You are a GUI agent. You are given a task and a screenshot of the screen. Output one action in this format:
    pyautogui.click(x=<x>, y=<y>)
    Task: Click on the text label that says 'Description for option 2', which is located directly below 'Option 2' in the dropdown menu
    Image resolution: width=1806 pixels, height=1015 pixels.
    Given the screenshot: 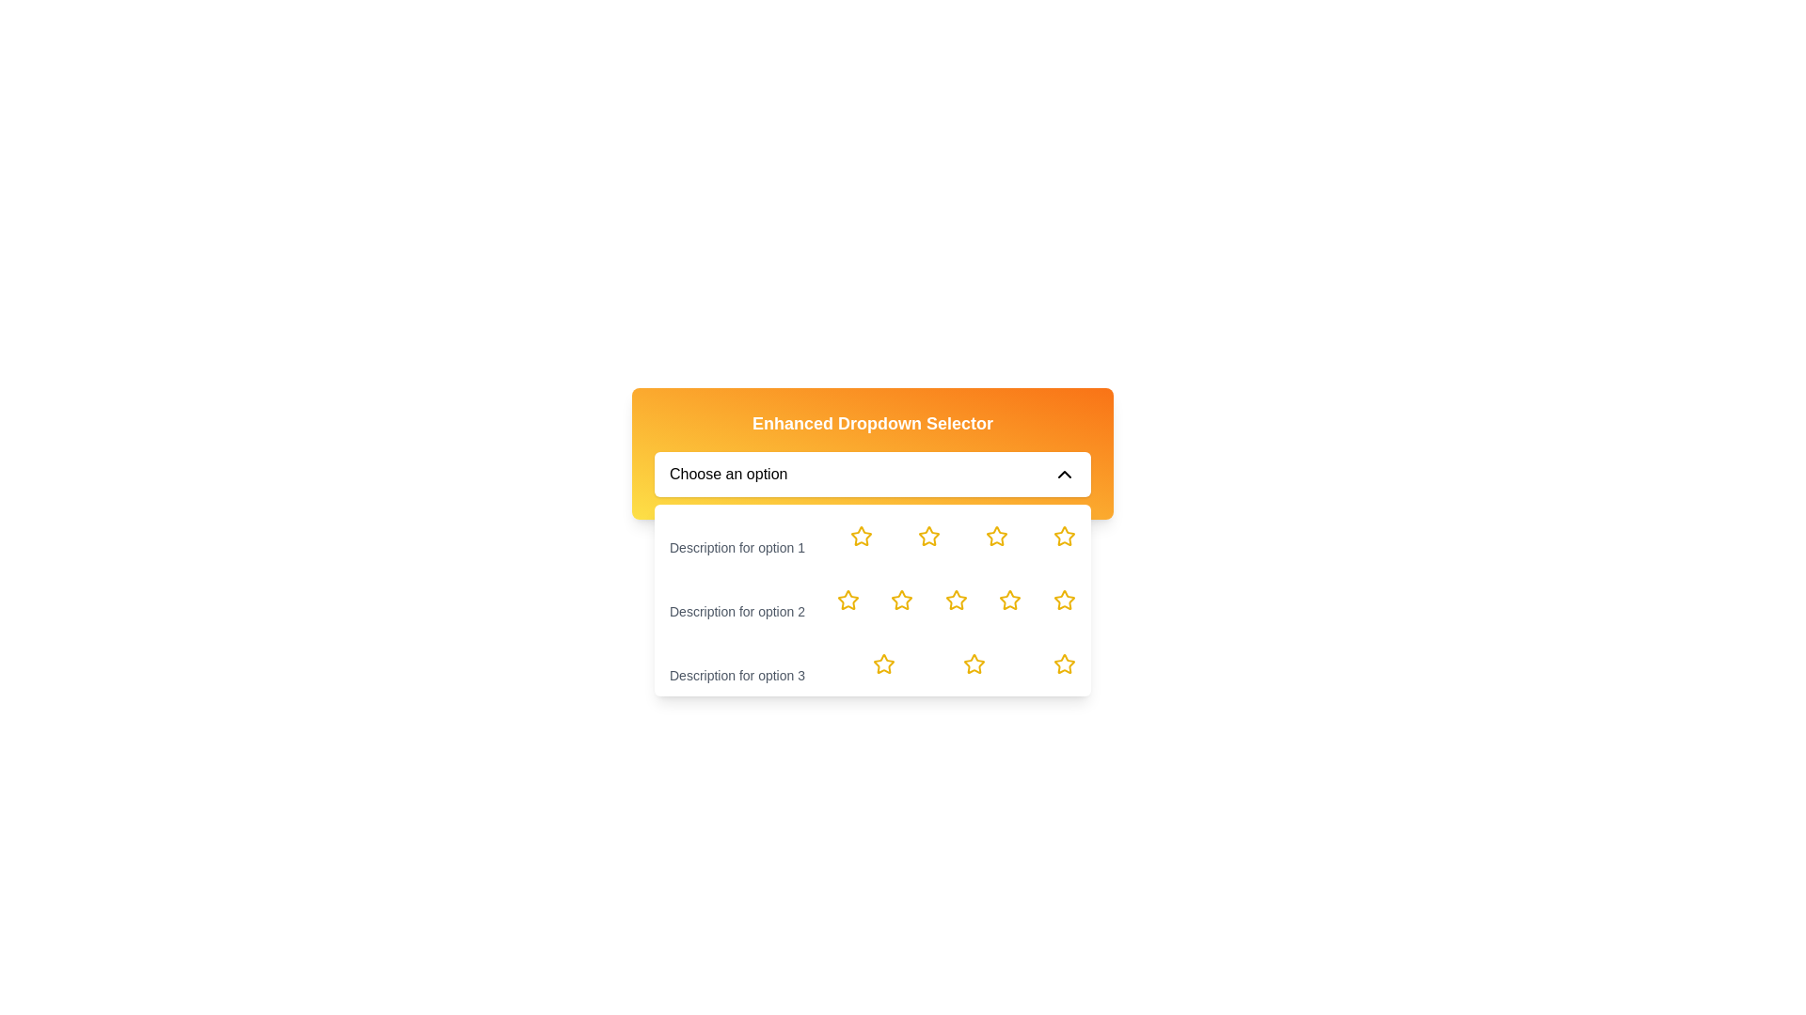 What is the action you would take?
    pyautogui.click(x=736, y=601)
    